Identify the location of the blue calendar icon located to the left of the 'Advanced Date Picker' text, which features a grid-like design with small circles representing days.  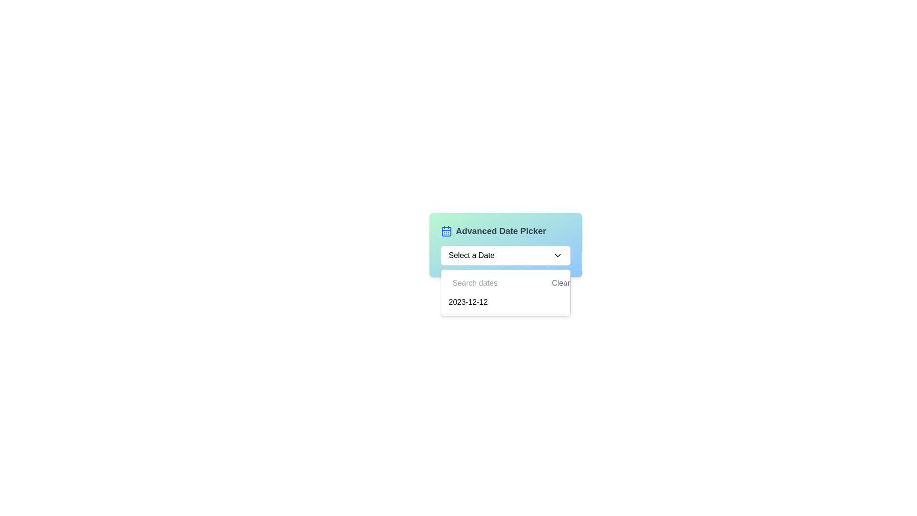
(446, 231).